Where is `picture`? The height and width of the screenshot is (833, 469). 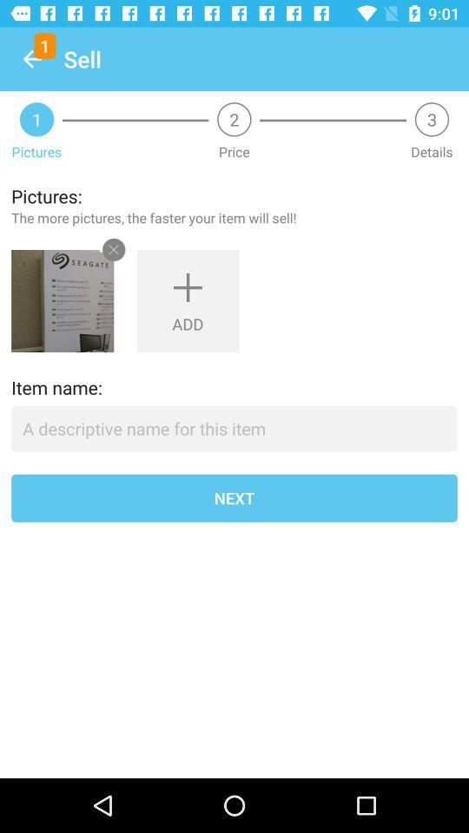
picture is located at coordinates (62, 301).